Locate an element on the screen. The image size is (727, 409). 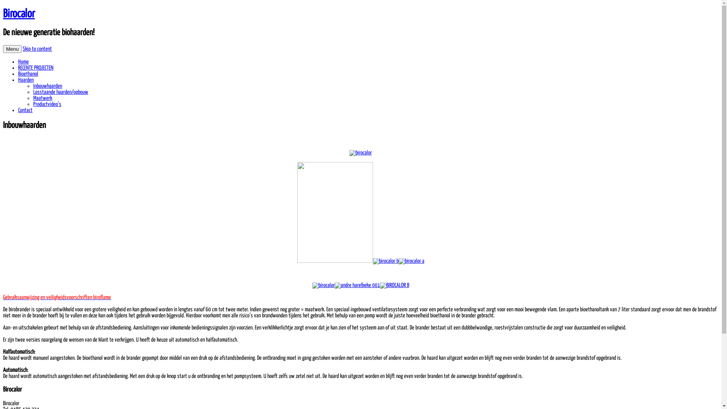
'Losstaande haarden/opbouw' is located at coordinates (33, 92).